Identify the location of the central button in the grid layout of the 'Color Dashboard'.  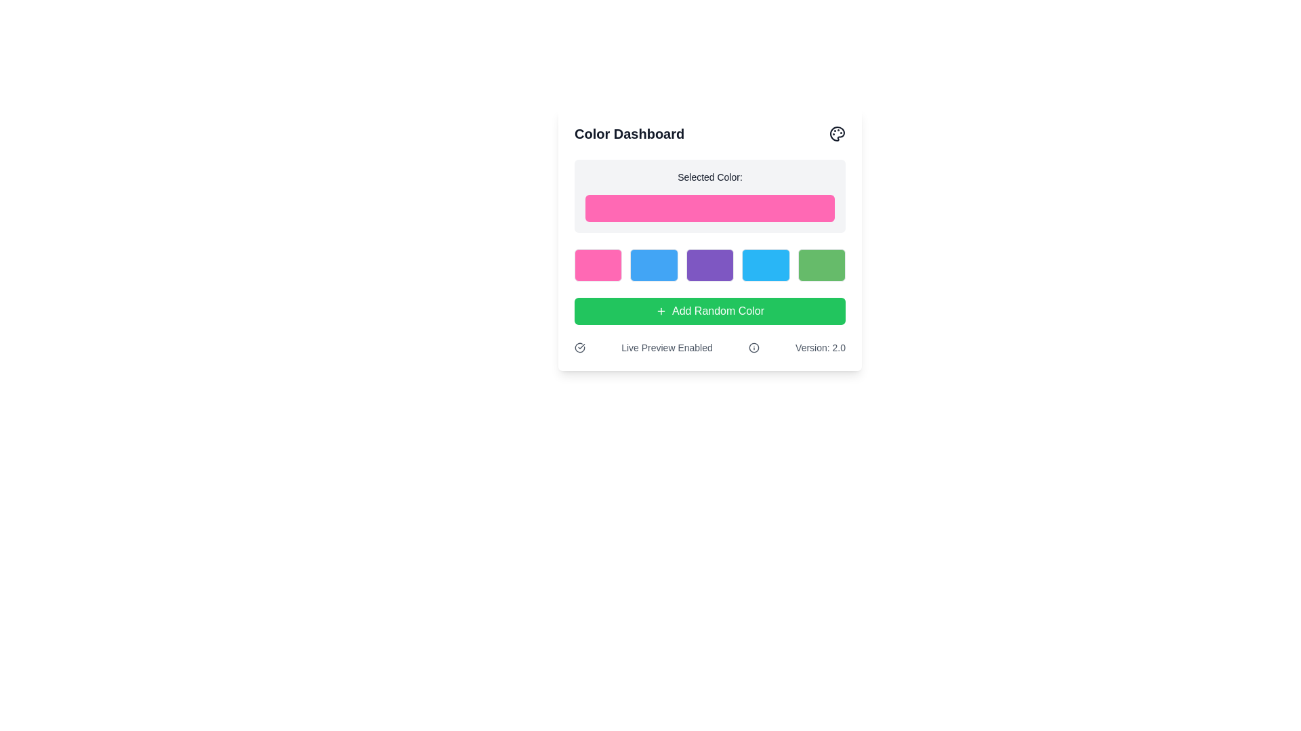
(709, 265).